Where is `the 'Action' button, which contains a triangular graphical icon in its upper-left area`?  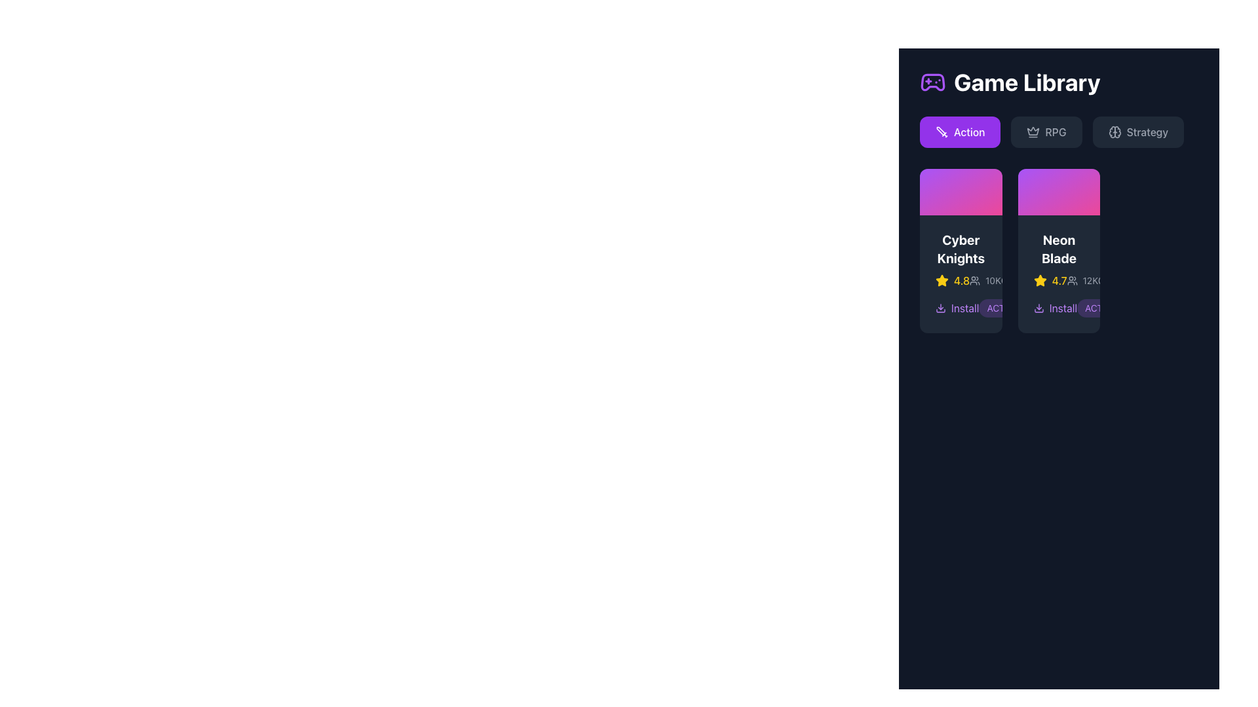
the 'Action' button, which contains a triangular graphical icon in its upper-left area is located at coordinates (940, 131).